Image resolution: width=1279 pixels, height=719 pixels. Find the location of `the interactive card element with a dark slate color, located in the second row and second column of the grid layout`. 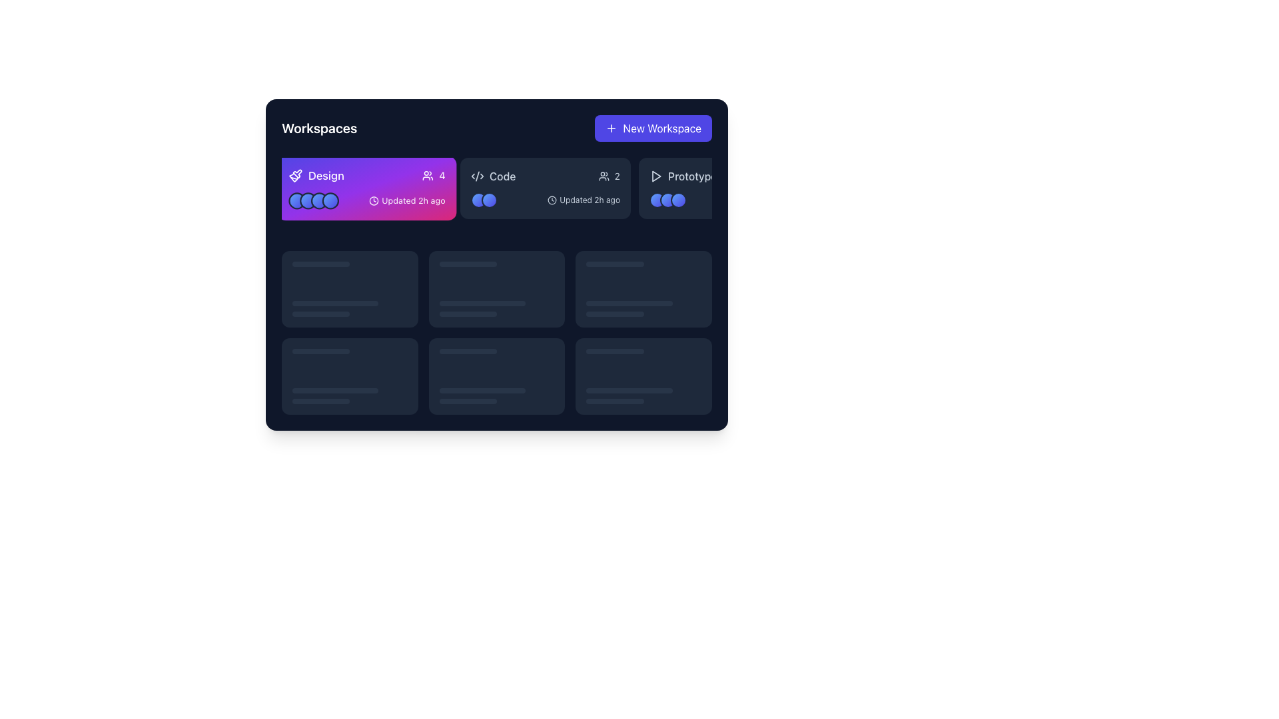

the interactive card element with a dark slate color, located in the second row and second column of the grid layout is located at coordinates (496, 376).